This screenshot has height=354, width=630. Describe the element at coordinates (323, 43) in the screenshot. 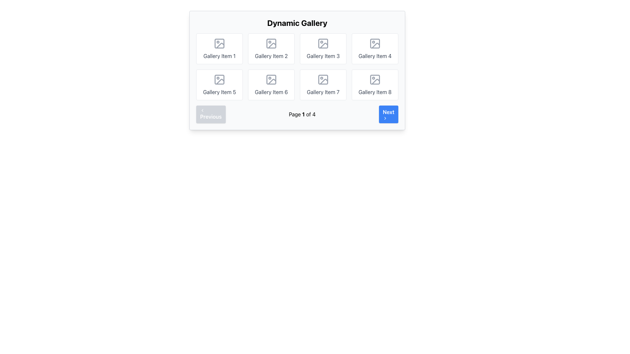

I see `the graphical icon component representing the third image icon in the first row of the gallery grid layout` at that location.